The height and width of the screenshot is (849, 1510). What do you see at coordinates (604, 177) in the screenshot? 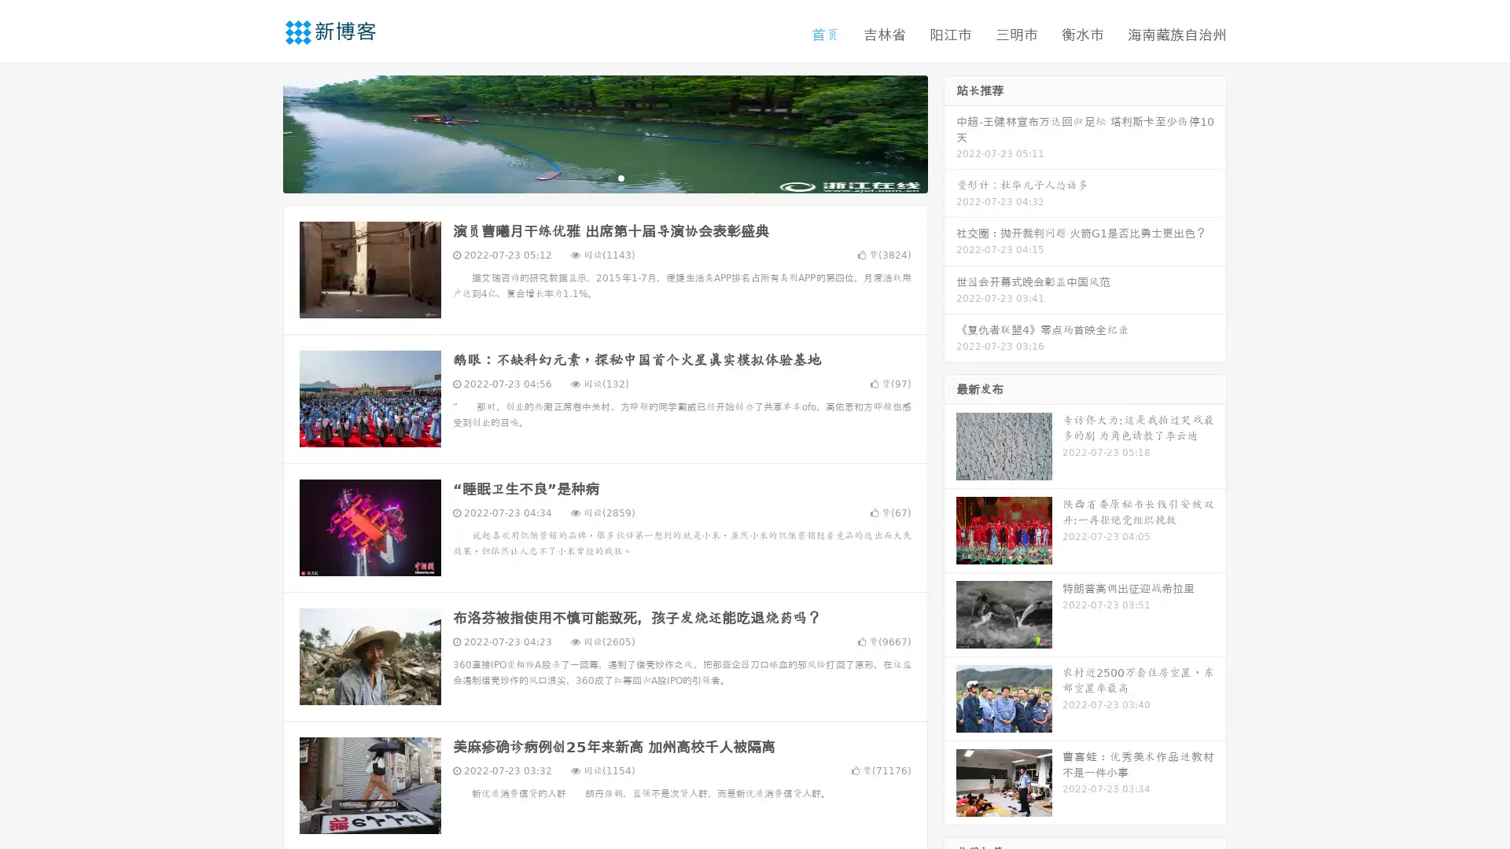
I see `Go to slide 2` at bounding box center [604, 177].